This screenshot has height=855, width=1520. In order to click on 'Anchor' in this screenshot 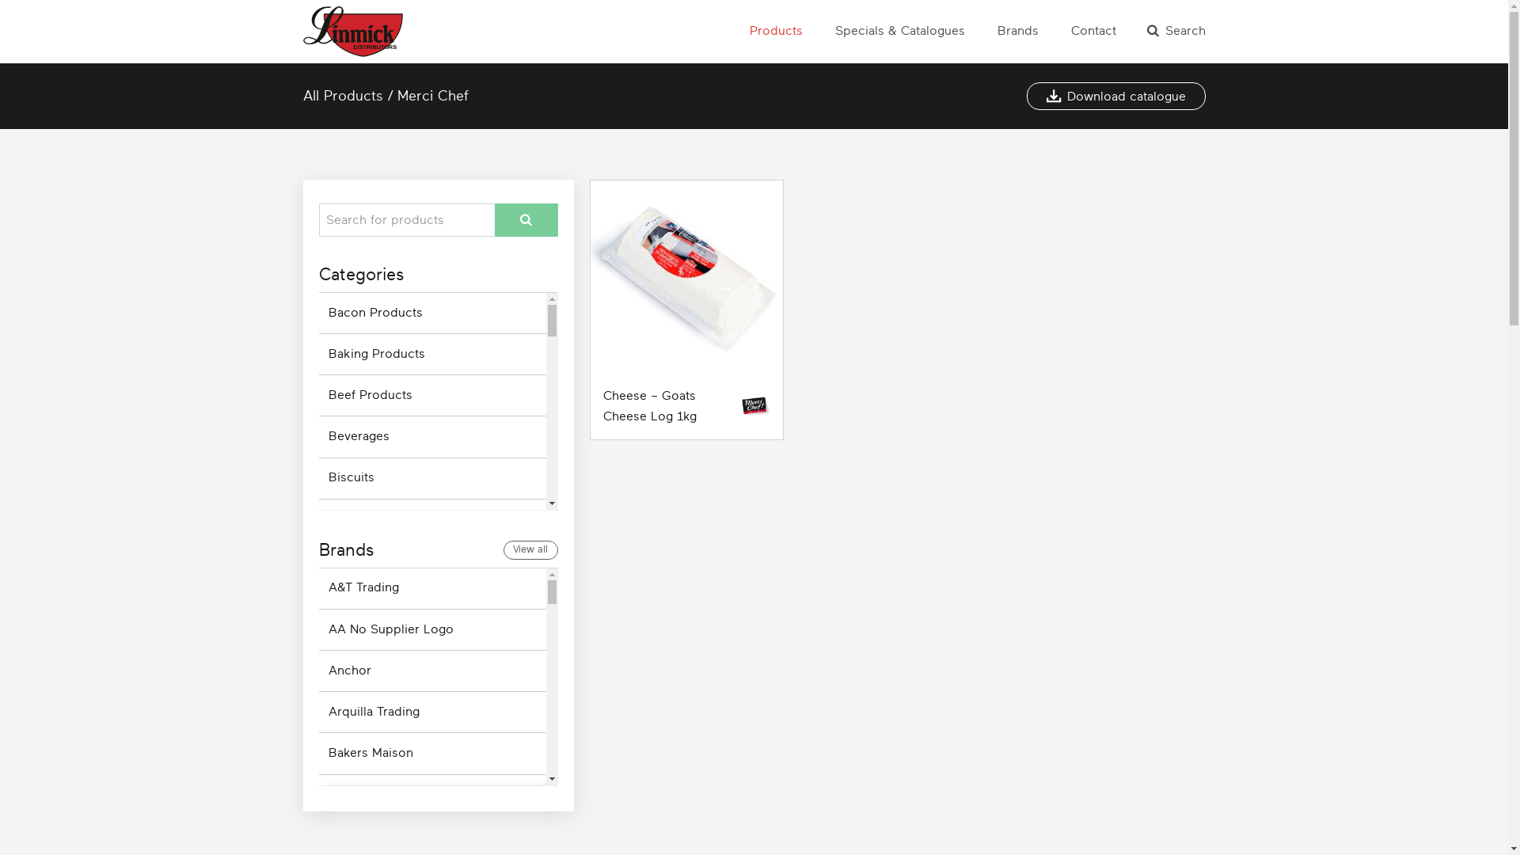, I will do `click(431, 671)`.